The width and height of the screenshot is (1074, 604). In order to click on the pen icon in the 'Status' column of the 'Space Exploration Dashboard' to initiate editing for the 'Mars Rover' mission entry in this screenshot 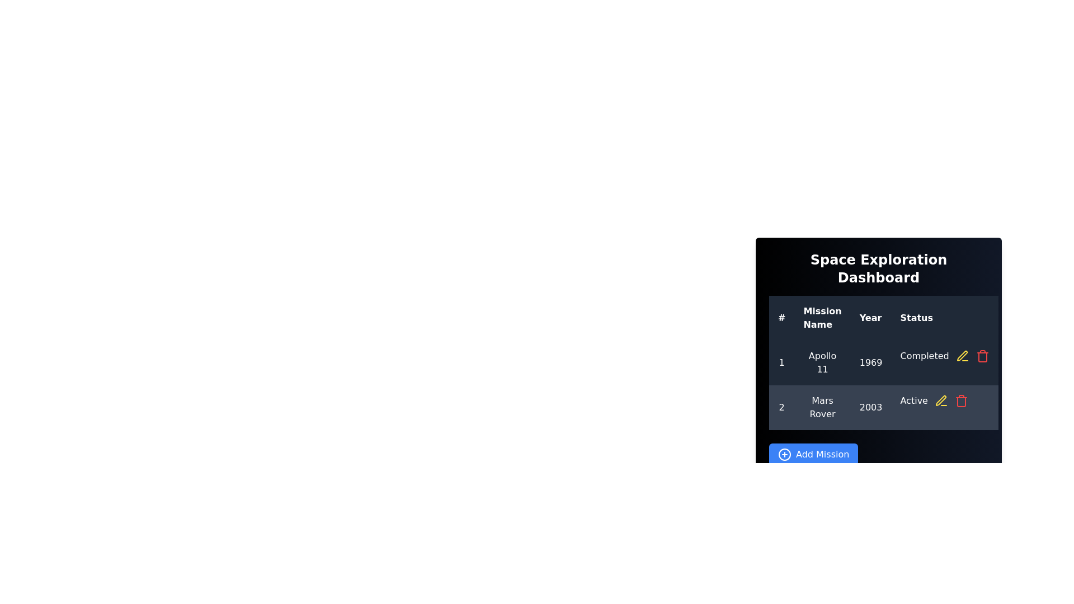, I will do `click(940, 400)`.